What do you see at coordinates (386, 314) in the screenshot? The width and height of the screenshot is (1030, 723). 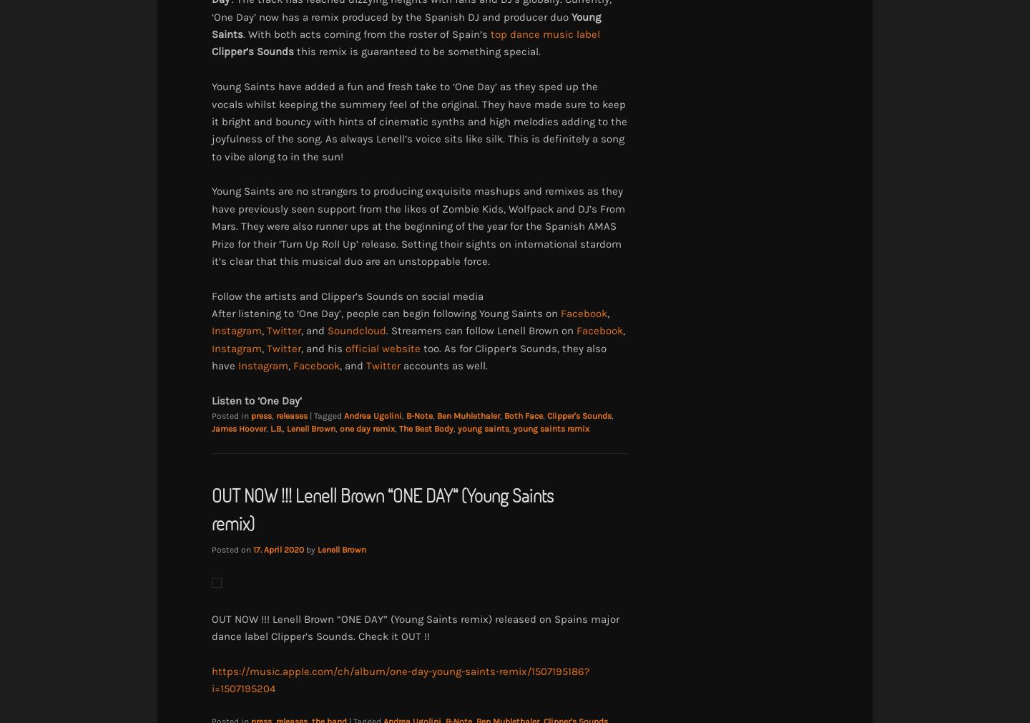 I see `'After listening to ‘One Day’, people can begin following Young Saints on'` at bounding box center [386, 314].